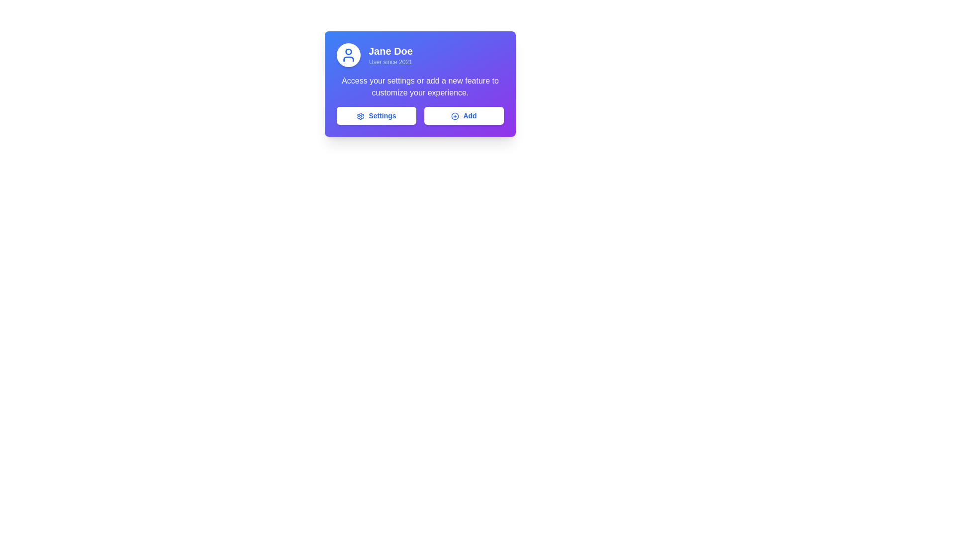  What do you see at coordinates (463, 115) in the screenshot?
I see `the 'Add' button, which is a rectangular button with rounded corners and a white background, displaying the text 'Add' in blue and a circular plus icon to its left` at bounding box center [463, 115].